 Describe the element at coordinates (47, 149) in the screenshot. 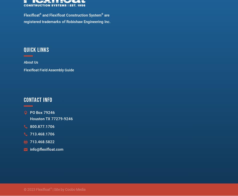

I see `'info@flexifloat.com'` at that location.